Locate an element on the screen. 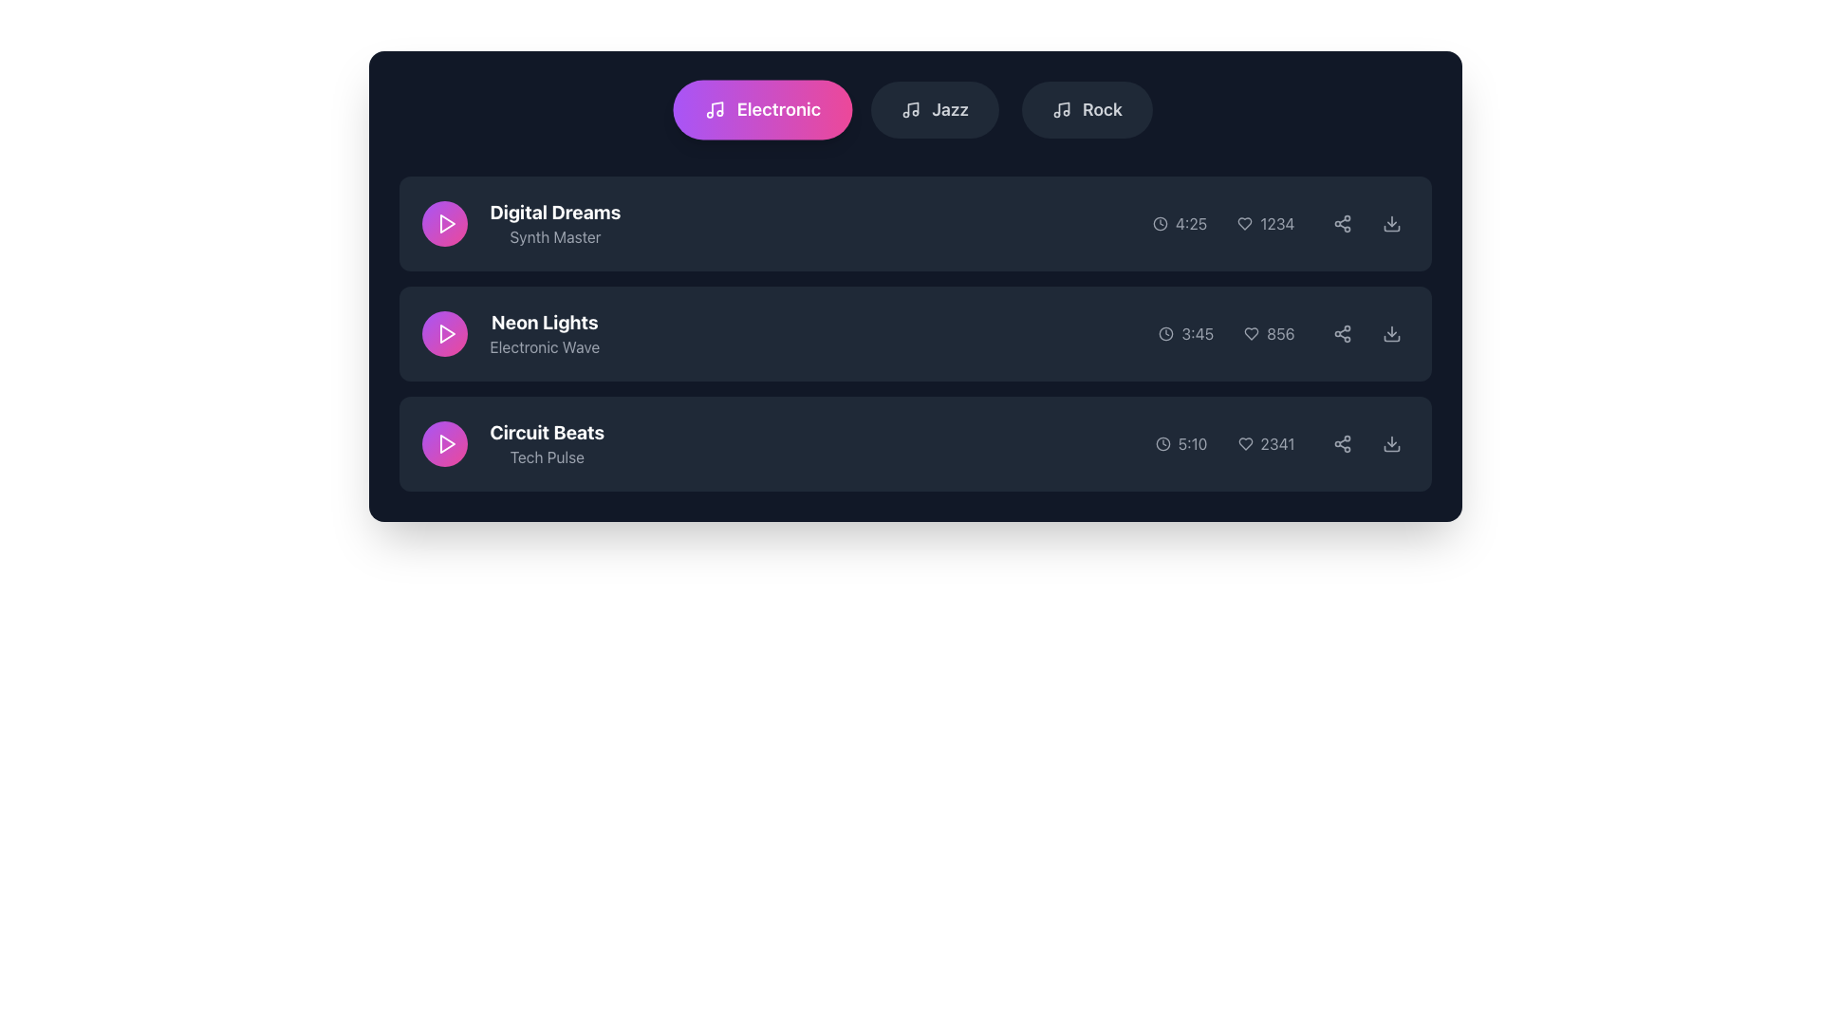 Image resolution: width=1822 pixels, height=1025 pixels. the static text label displaying the number '2341', which is located next to a heart-shaped icon in the music track information row for 'Circuit Beats' is located at coordinates (1277, 443).